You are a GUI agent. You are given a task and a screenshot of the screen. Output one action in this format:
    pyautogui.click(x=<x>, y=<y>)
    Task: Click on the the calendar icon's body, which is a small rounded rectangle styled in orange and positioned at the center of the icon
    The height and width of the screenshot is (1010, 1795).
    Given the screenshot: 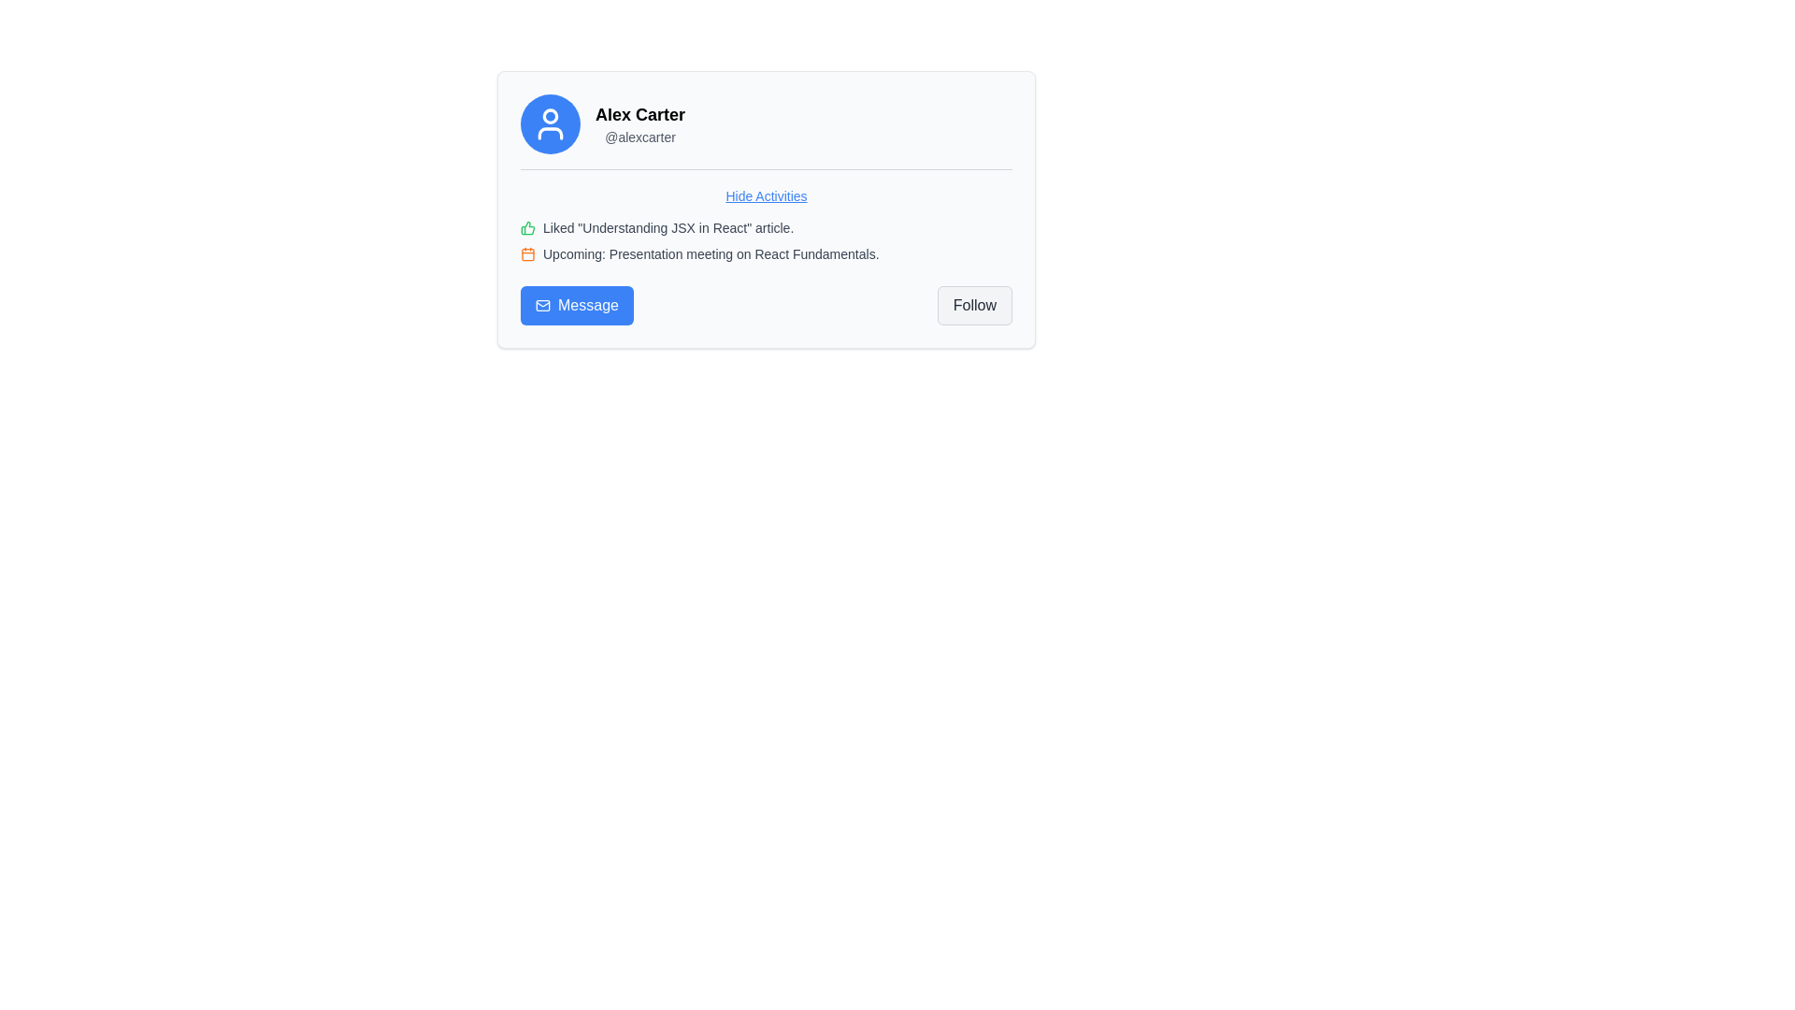 What is the action you would take?
    pyautogui.click(x=527, y=254)
    